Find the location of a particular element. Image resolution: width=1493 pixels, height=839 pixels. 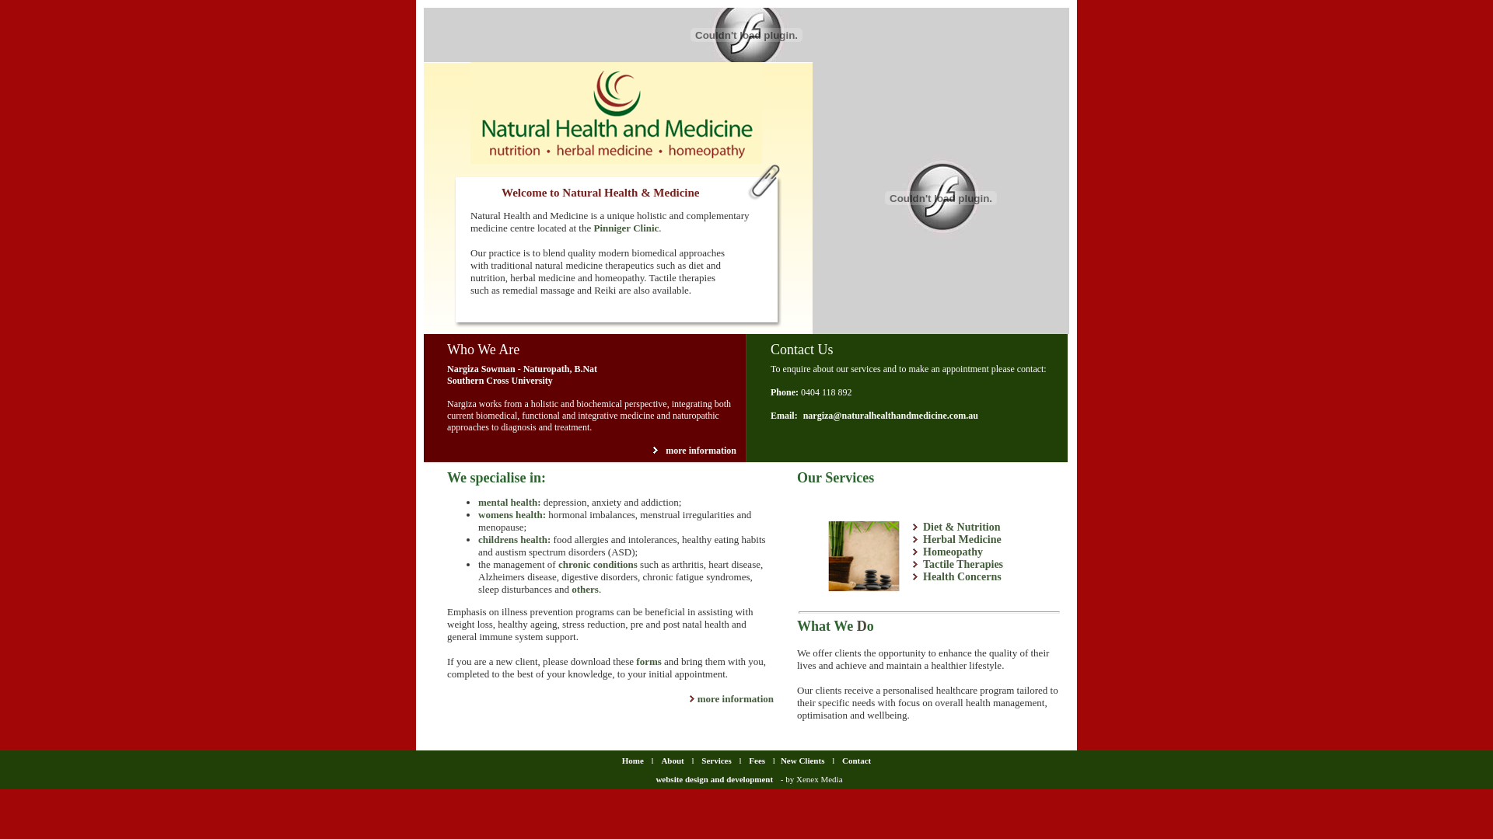

':' is located at coordinates (544, 514).